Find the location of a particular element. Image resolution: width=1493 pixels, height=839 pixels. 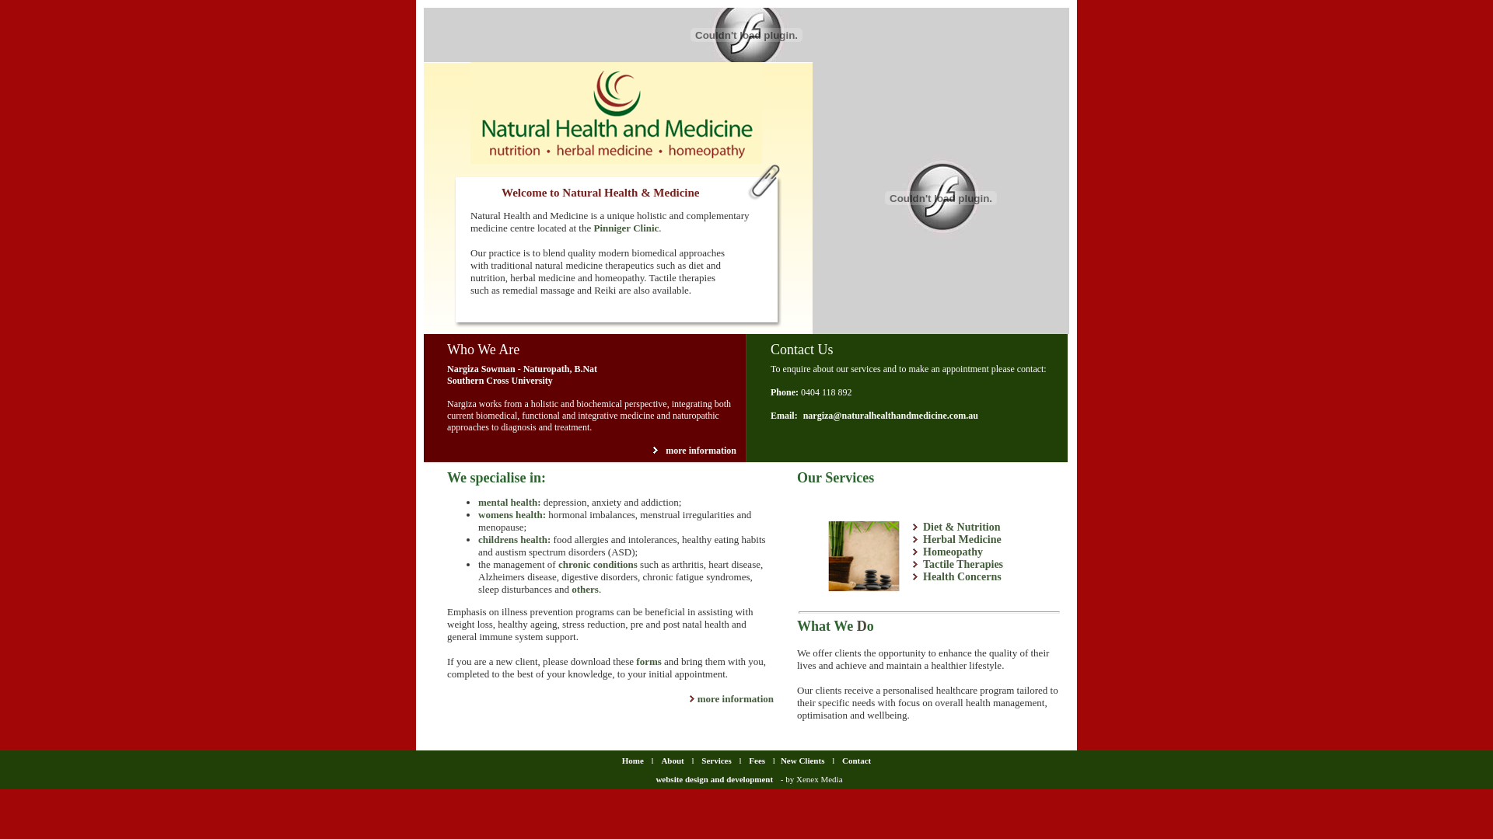

':' is located at coordinates (544, 514).